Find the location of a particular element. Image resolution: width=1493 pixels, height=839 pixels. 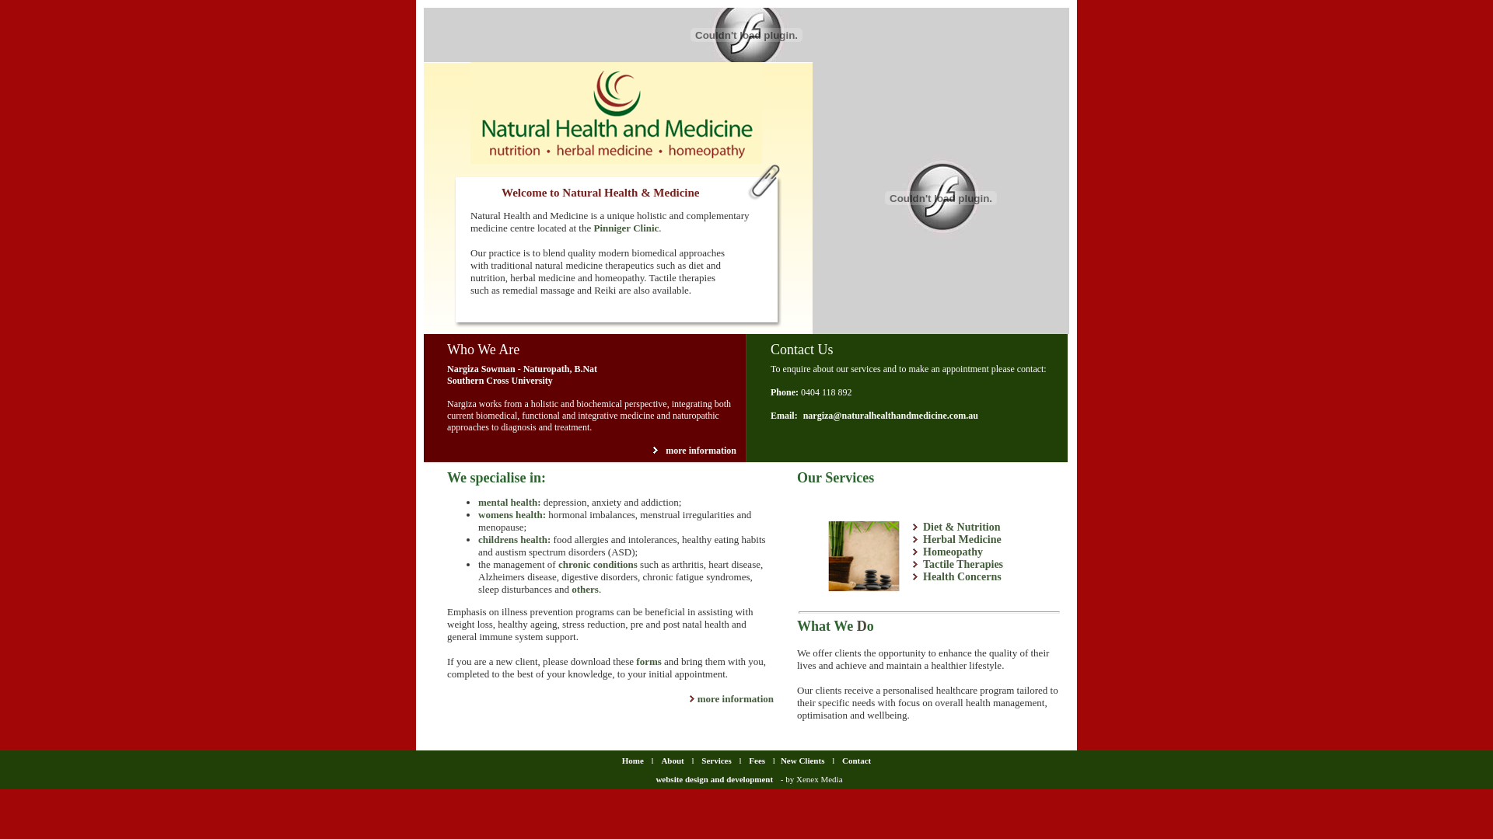

':' is located at coordinates (544, 514).